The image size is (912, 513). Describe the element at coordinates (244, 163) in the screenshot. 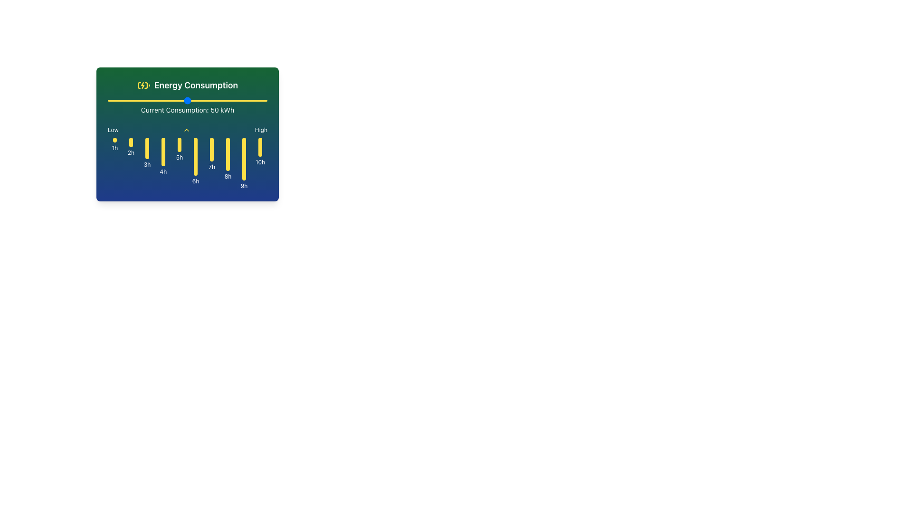

I see `the 9th bar in the 'Current Consumption' section of the horizontal bar chart` at that location.